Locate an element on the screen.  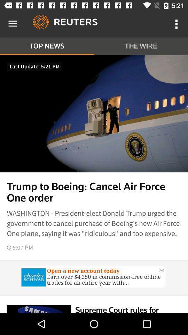
advertisement is located at coordinates (94, 278).